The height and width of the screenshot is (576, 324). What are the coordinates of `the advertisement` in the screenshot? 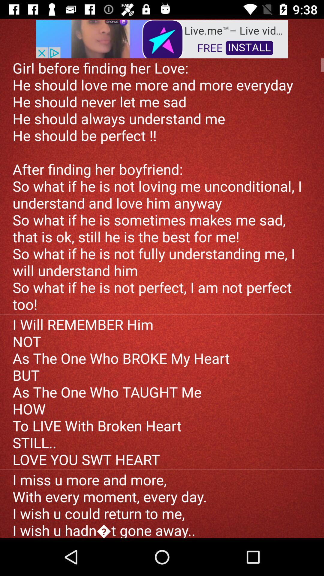 It's located at (162, 38).